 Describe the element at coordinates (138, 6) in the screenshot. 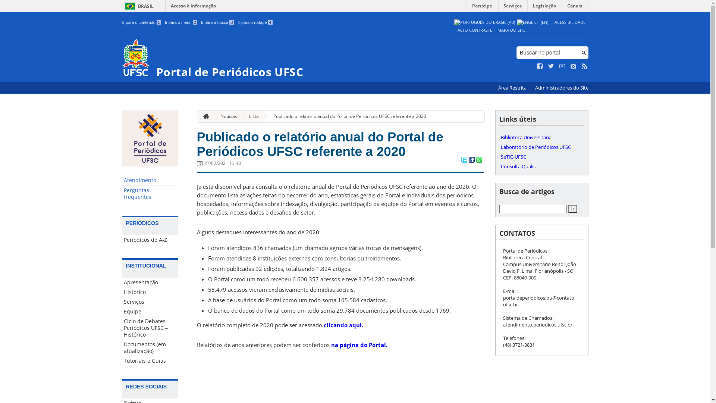

I see `'BRASIL'` at that location.